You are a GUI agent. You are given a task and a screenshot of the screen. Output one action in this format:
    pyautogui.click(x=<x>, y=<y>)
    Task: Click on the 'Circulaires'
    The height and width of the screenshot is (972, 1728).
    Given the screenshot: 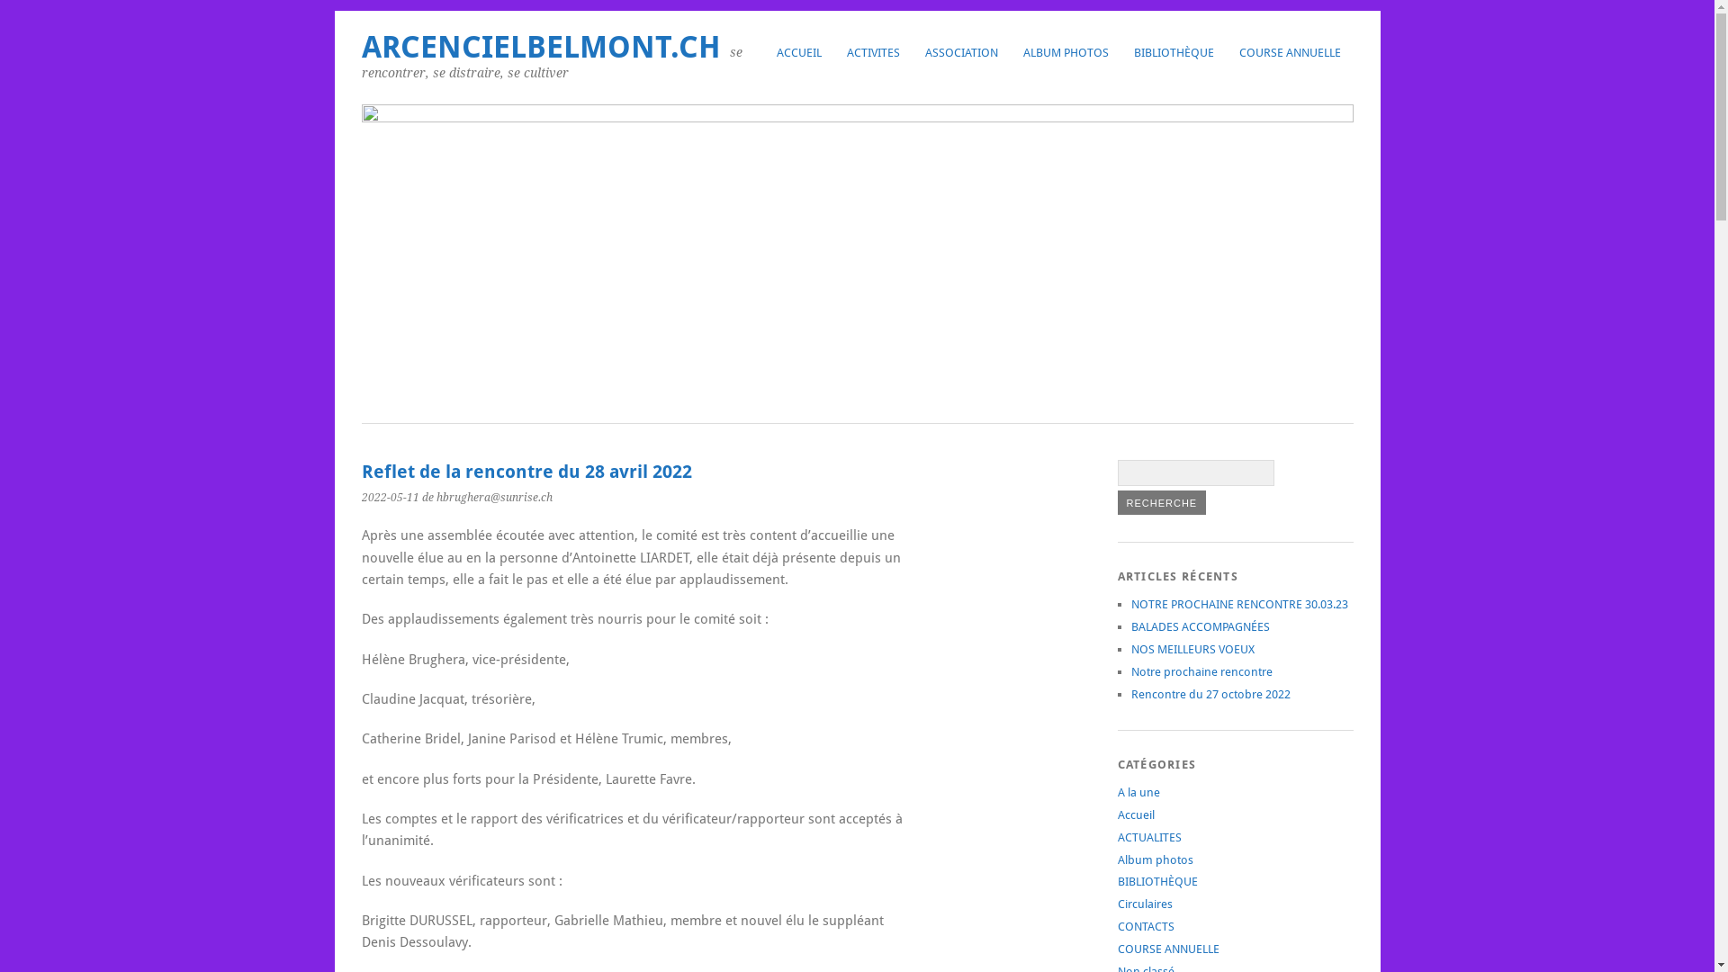 What is the action you would take?
    pyautogui.click(x=1144, y=904)
    